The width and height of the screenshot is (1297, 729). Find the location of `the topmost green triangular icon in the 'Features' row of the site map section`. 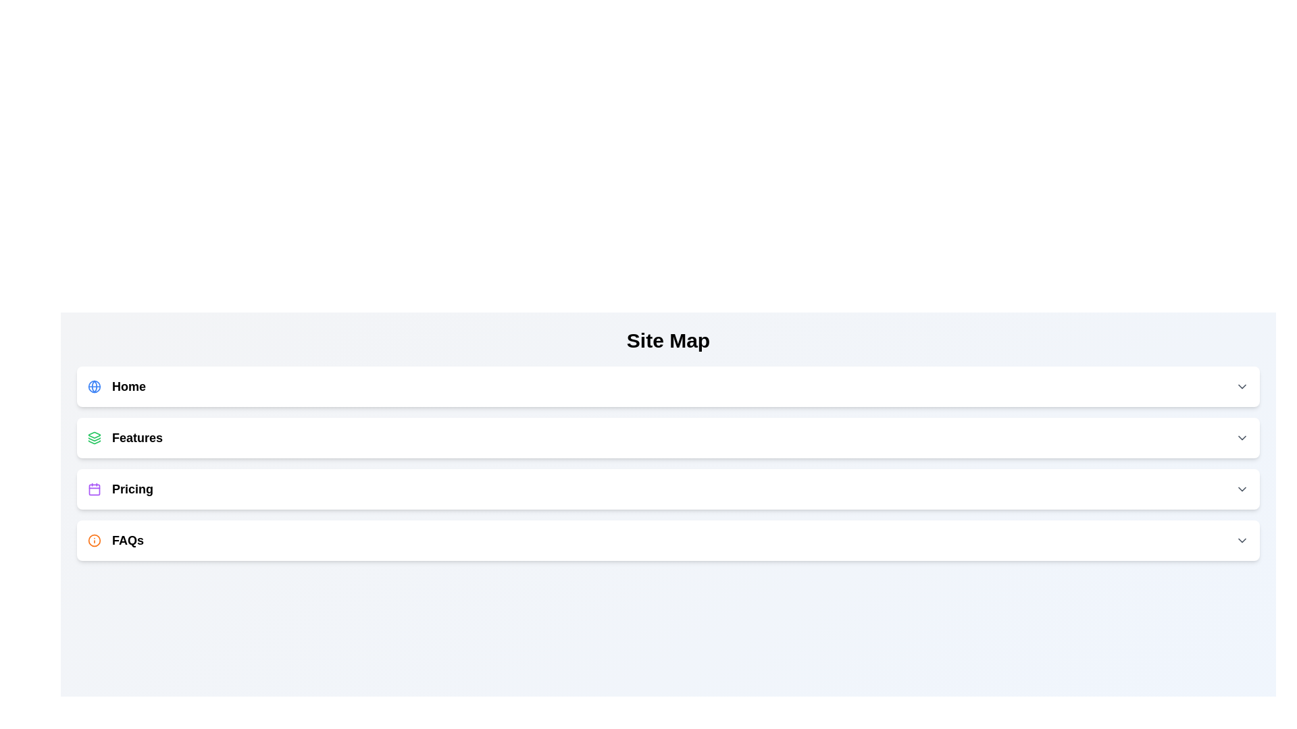

the topmost green triangular icon in the 'Features' row of the site map section is located at coordinates (93, 435).